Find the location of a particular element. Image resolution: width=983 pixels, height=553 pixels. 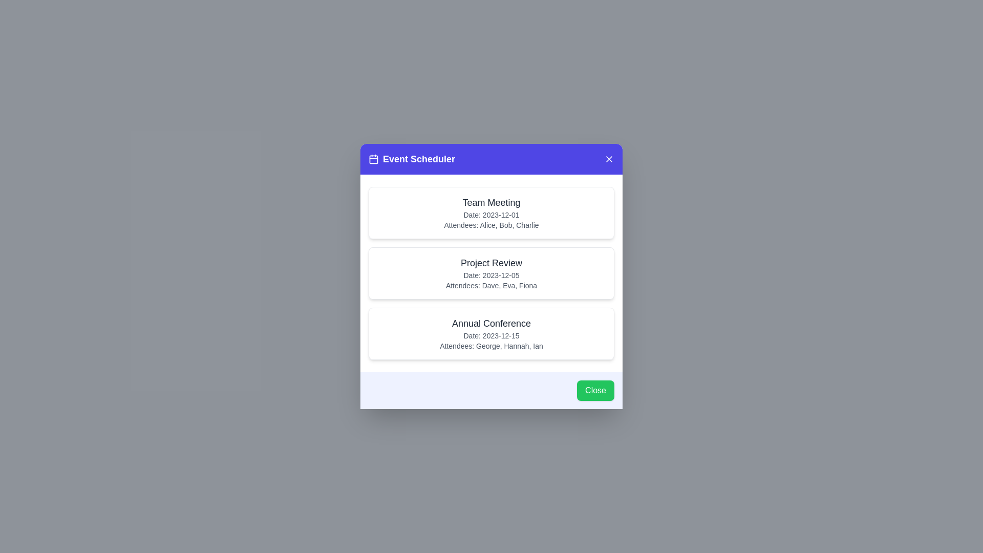

the event card titled 'Annual Conference' to view its details is located at coordinates (491, 333).